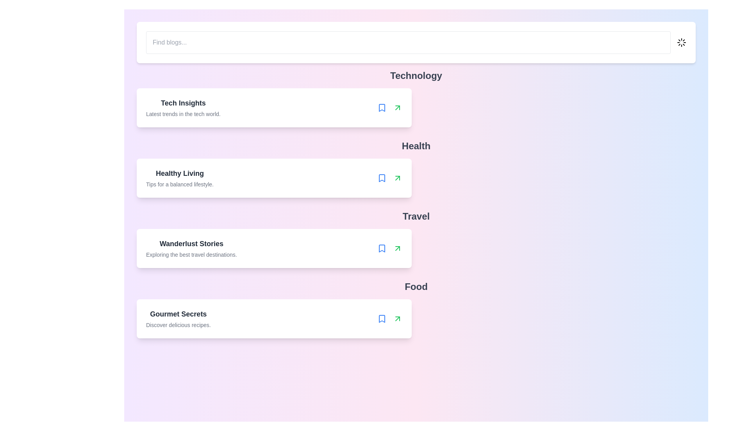 This screenshot has width=750, height=422. Describe the element at coordinates (183, 102) in the screenshot. I see `text from the header label located at the top of the 'Technology' section card, which introduces the content theme as 'Latest trends in the tech world.'` at that location.